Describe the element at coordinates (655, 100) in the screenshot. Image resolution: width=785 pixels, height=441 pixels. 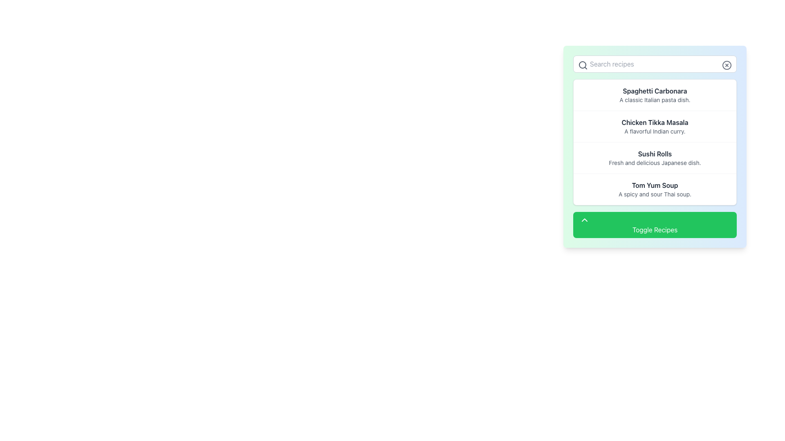
I see `descriptive text that states 'A classic Italian pasta dish.' located below the title 'Spaghetti Carbonara' in the card layout of the recipe list` at that location.